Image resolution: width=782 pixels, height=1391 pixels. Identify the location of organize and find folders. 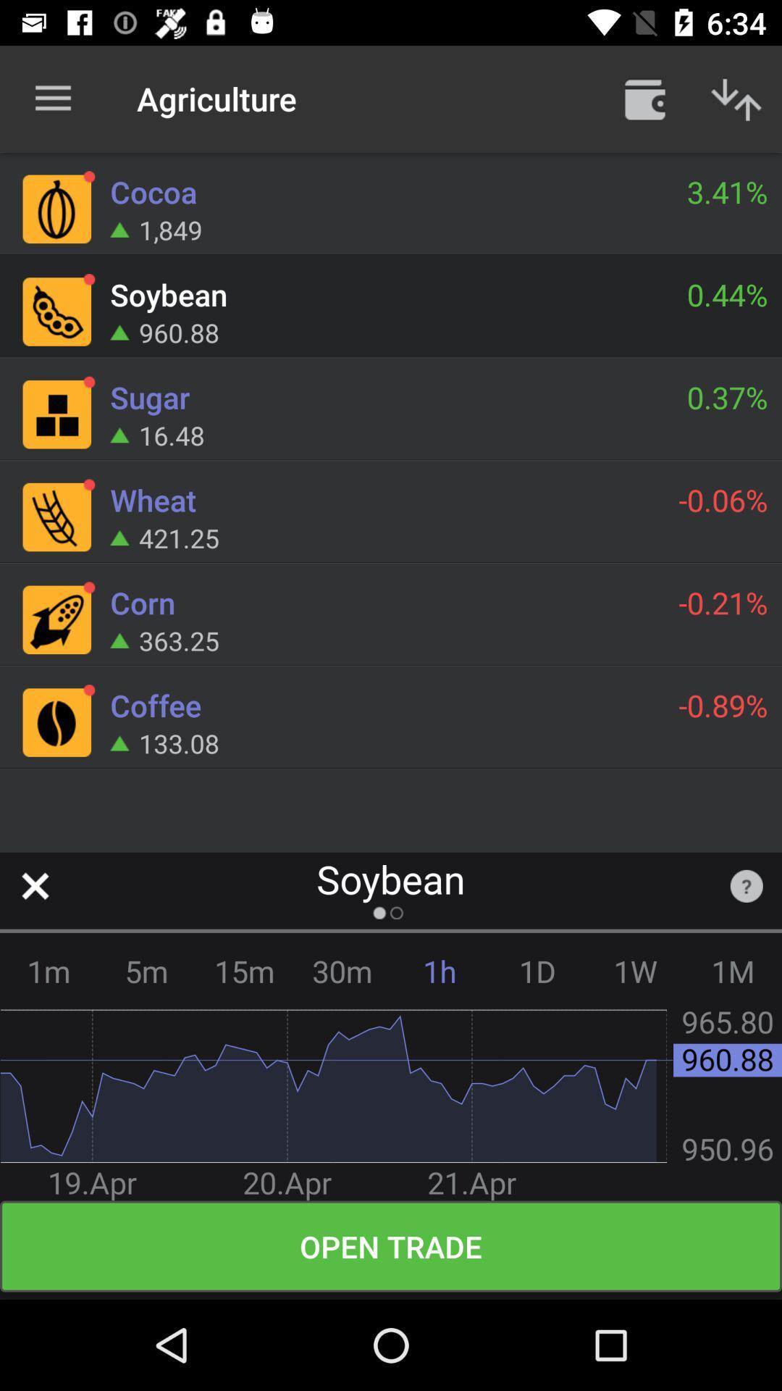
(644, 98).